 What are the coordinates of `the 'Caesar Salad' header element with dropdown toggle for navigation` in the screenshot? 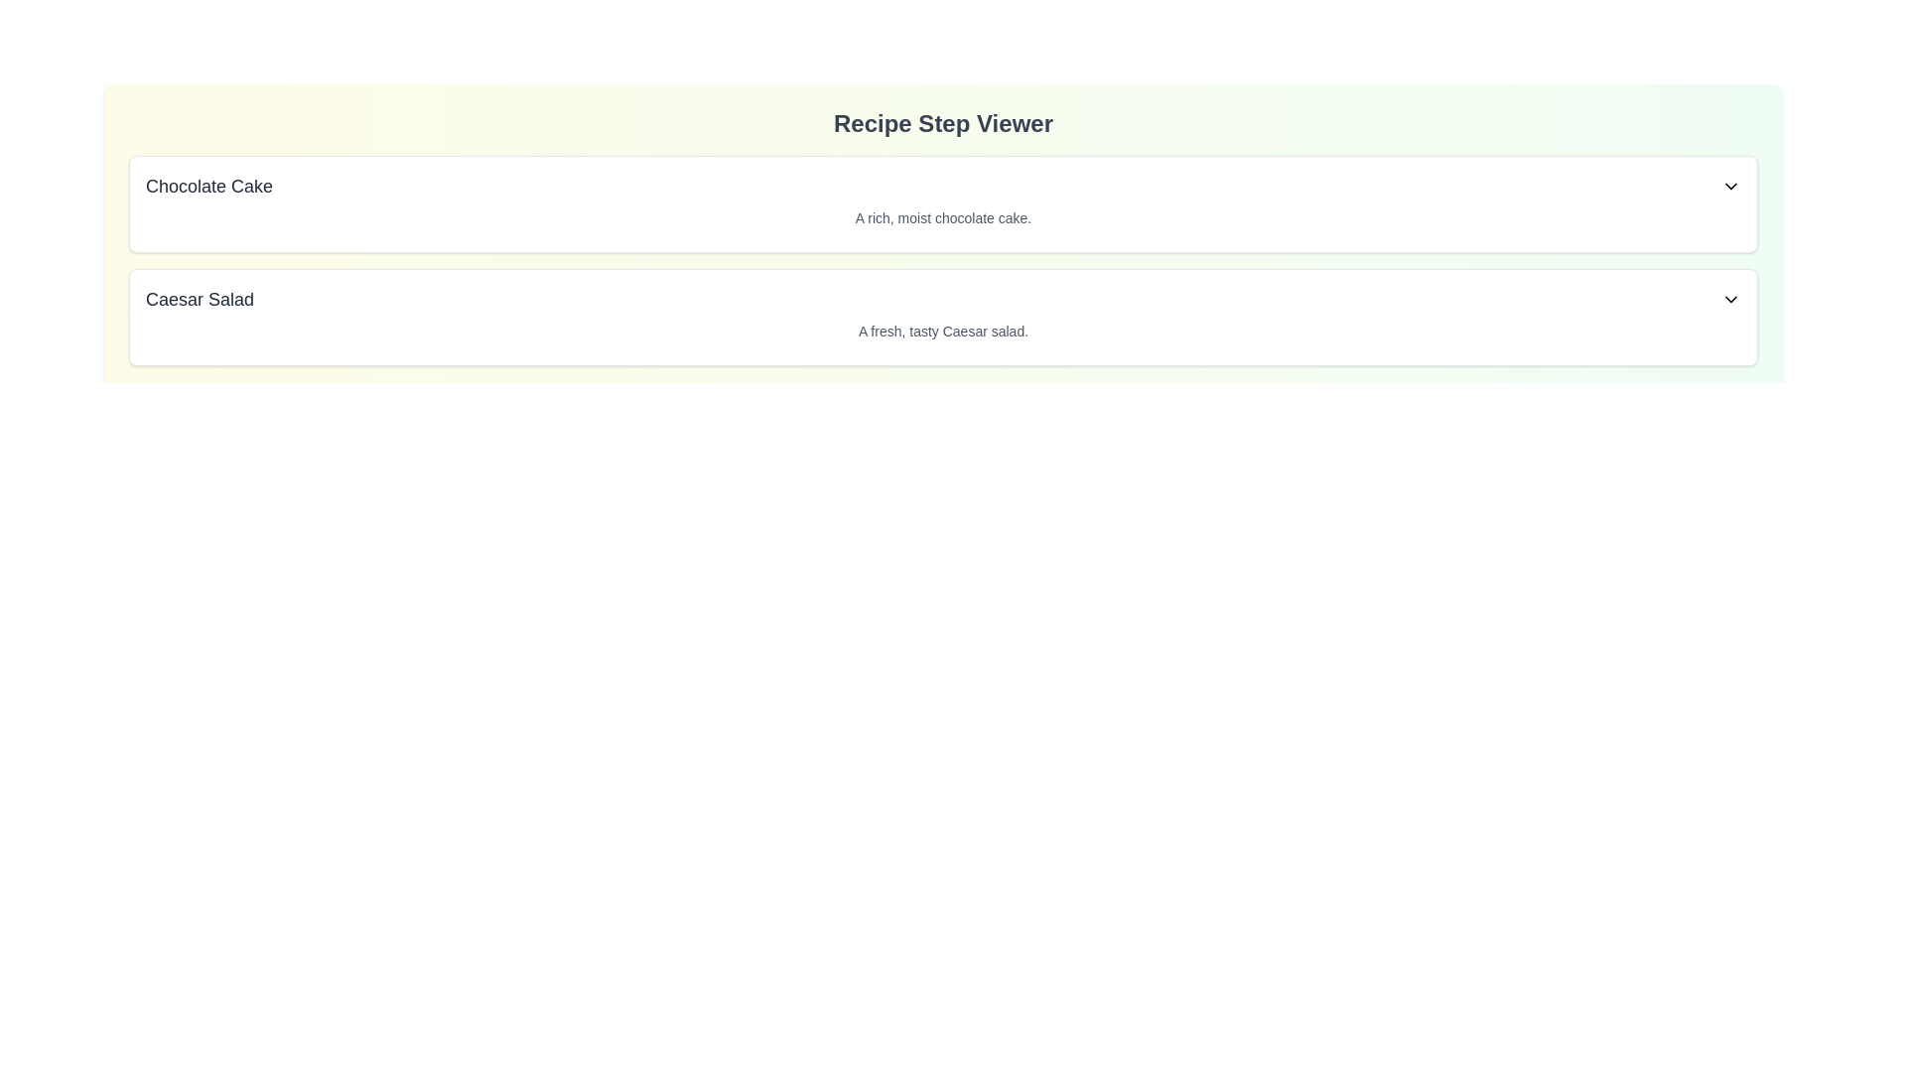 It's located at (942, 299).